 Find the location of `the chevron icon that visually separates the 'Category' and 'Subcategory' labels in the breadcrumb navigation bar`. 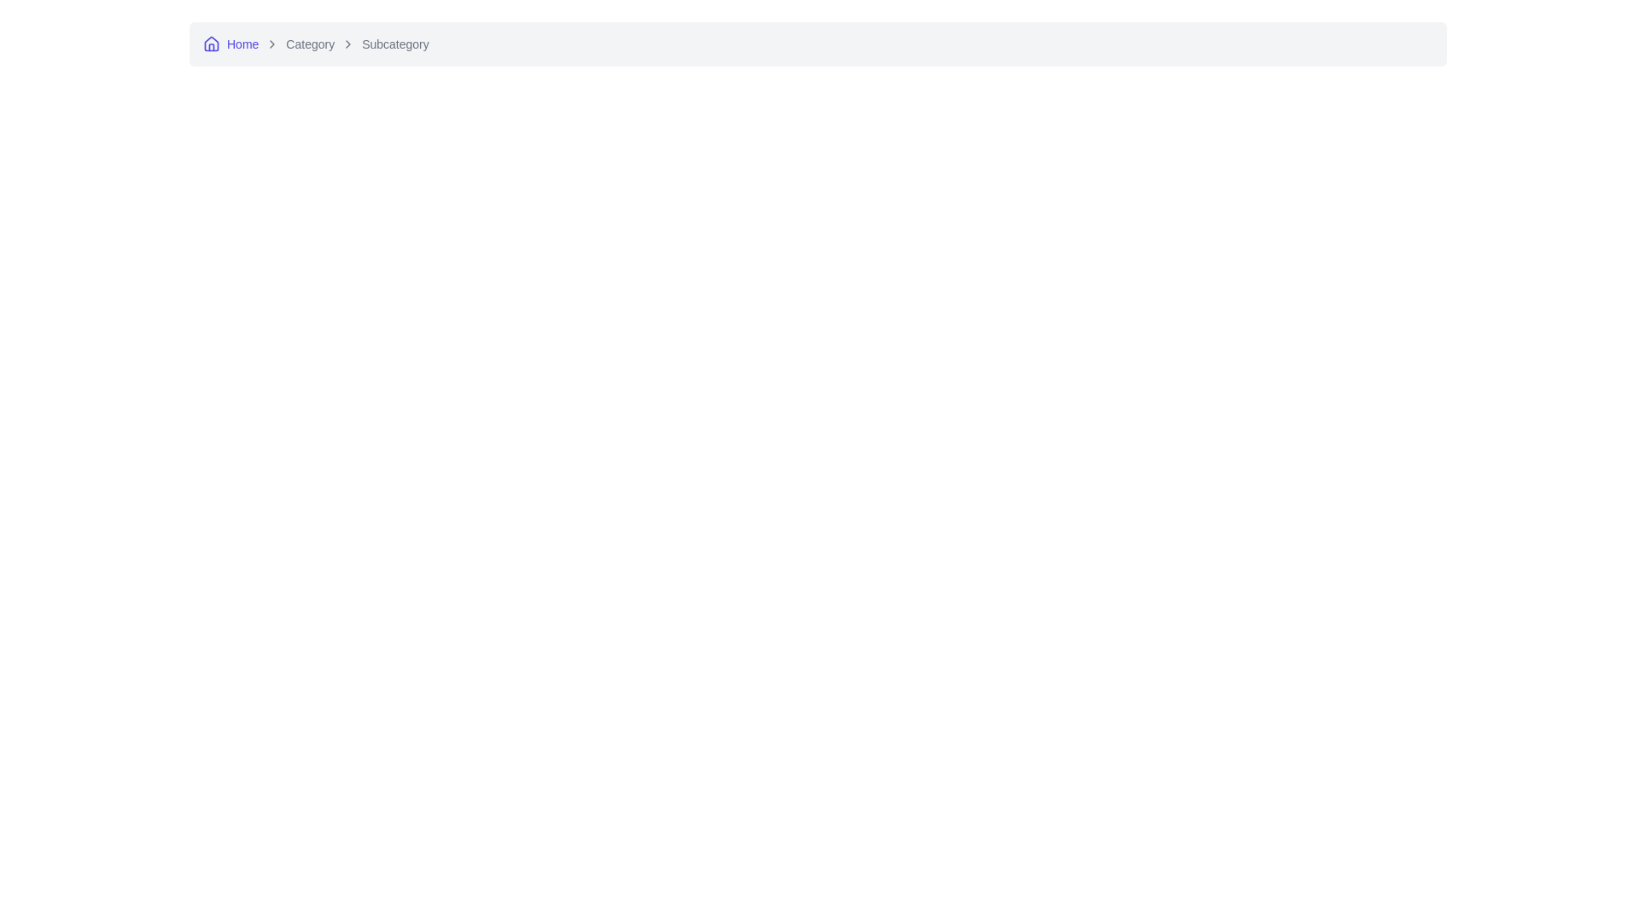

the chevron icon that visually separates the 'Category' and 'Subcategory' labels in the breadcrumb navigation bar is located at coordinates (347, 43).